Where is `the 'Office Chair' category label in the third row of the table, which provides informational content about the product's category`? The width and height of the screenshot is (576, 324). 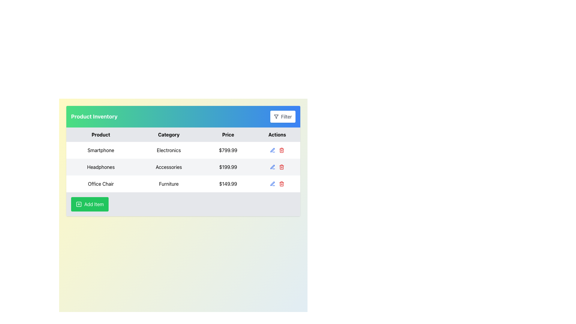 the 'Office Chair' category label in the third row of the table, which provides informational content about the product's category is located at coordinates (168, 184).